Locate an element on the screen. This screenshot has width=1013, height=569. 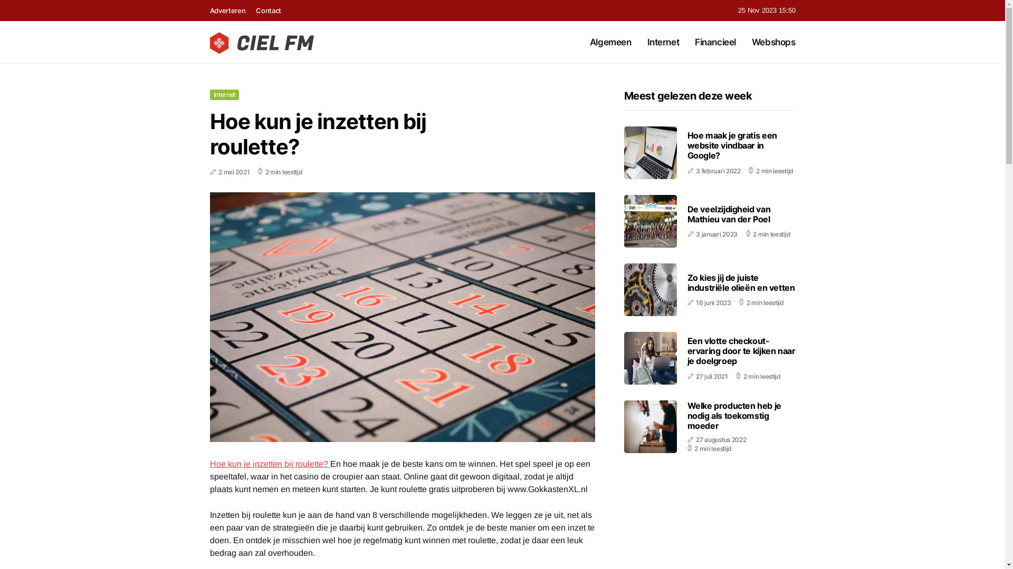
'De veelzijdigheid van Mathieu van der Poel' is located at coordinates (728, 213).